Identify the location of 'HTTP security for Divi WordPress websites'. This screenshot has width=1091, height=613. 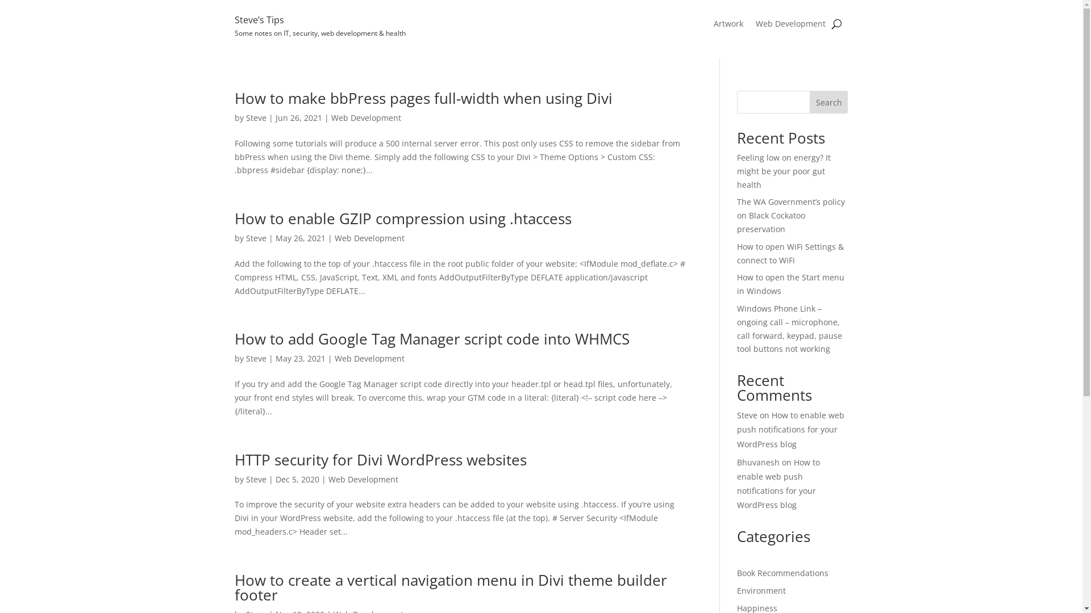
(380, 460).